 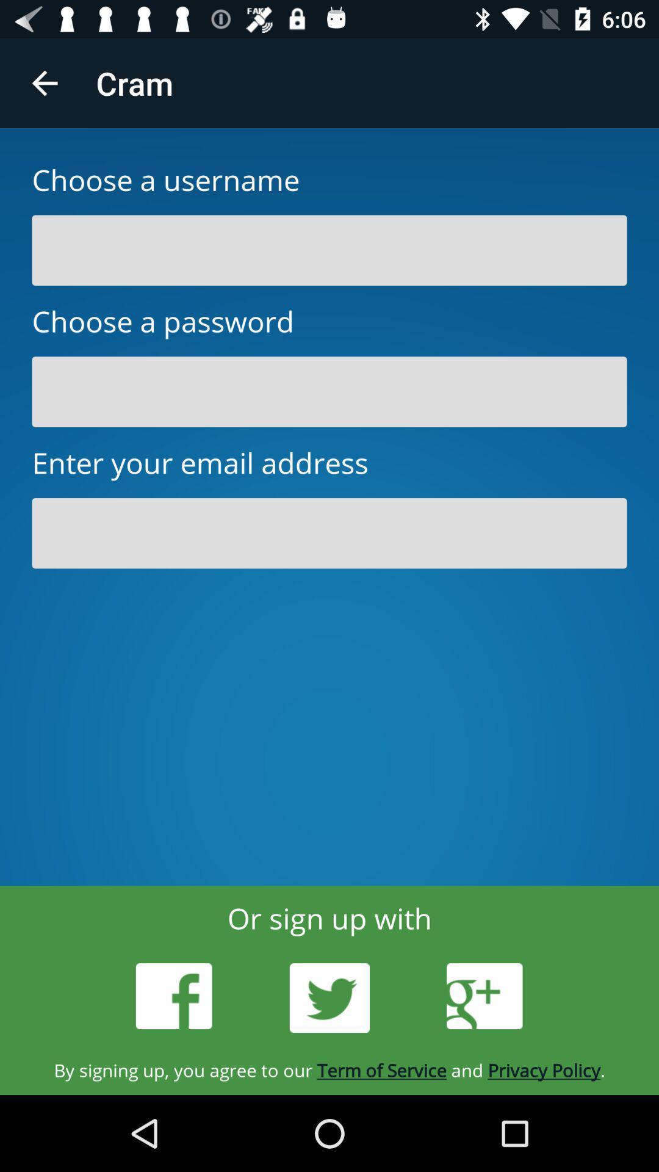 What do you see at coordinates (329, 533) in the screenshot?
I see `email address` at bounding box center [329, 533].